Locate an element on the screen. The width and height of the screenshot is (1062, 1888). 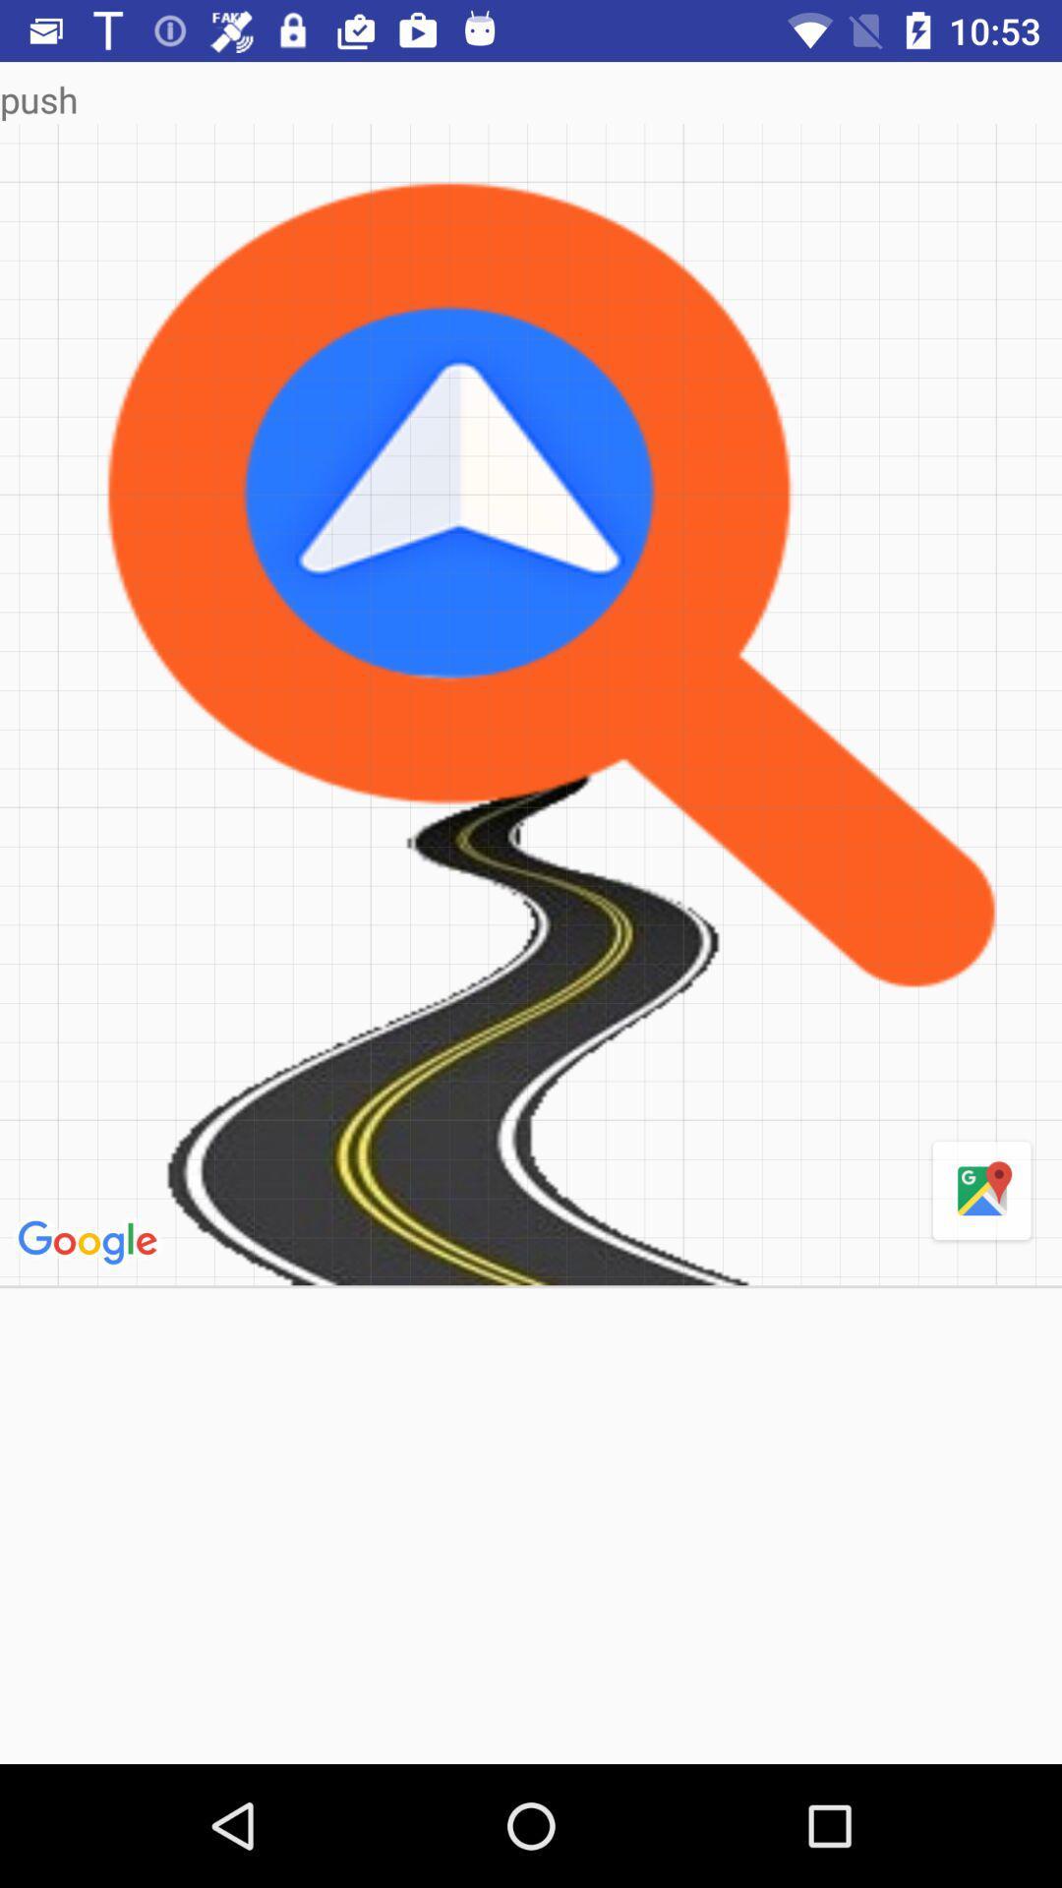
the item below push icon is located at coordinates (90, 1242).